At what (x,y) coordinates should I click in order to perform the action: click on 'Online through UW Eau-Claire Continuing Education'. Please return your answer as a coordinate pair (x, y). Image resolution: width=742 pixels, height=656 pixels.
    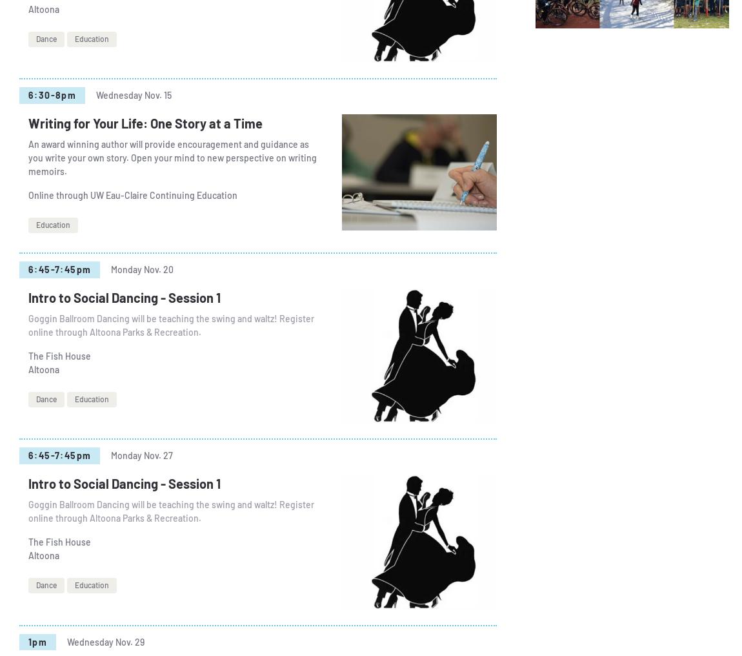
    Looking at the image, I should click on (132, 194).